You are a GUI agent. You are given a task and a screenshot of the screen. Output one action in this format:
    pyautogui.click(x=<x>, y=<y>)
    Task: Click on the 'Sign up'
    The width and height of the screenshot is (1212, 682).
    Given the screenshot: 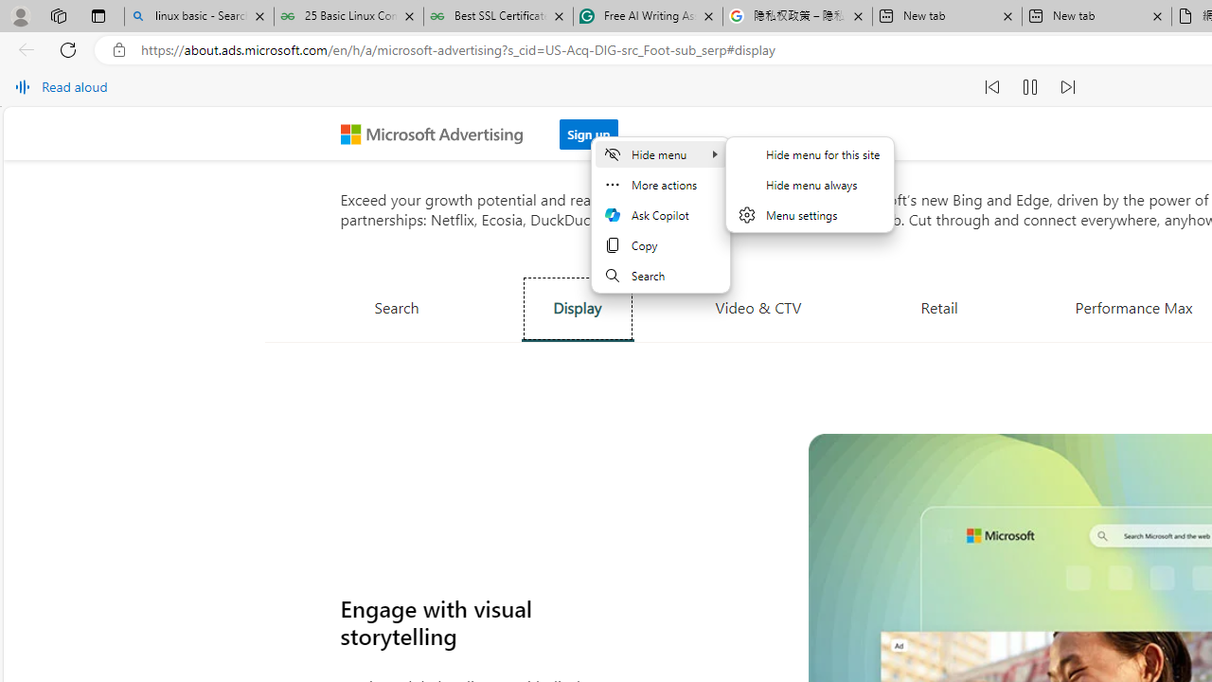 What is the action you would take?
    pyautogui.click(x=588, y=128)
    